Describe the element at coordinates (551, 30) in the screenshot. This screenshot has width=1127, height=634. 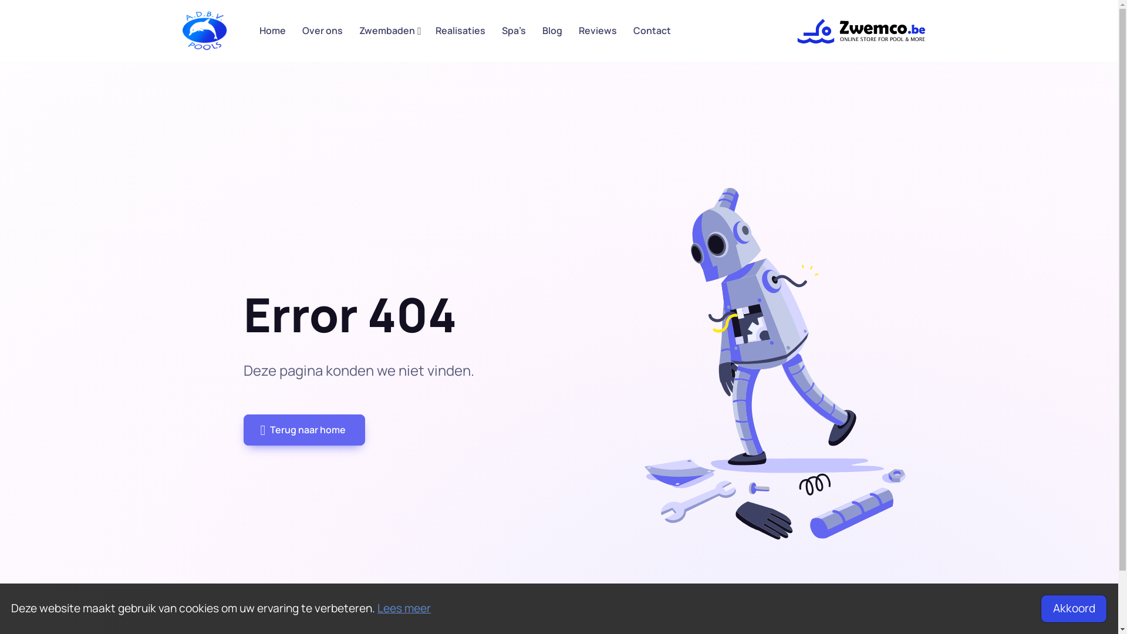
I see `'Blog'` at that location.